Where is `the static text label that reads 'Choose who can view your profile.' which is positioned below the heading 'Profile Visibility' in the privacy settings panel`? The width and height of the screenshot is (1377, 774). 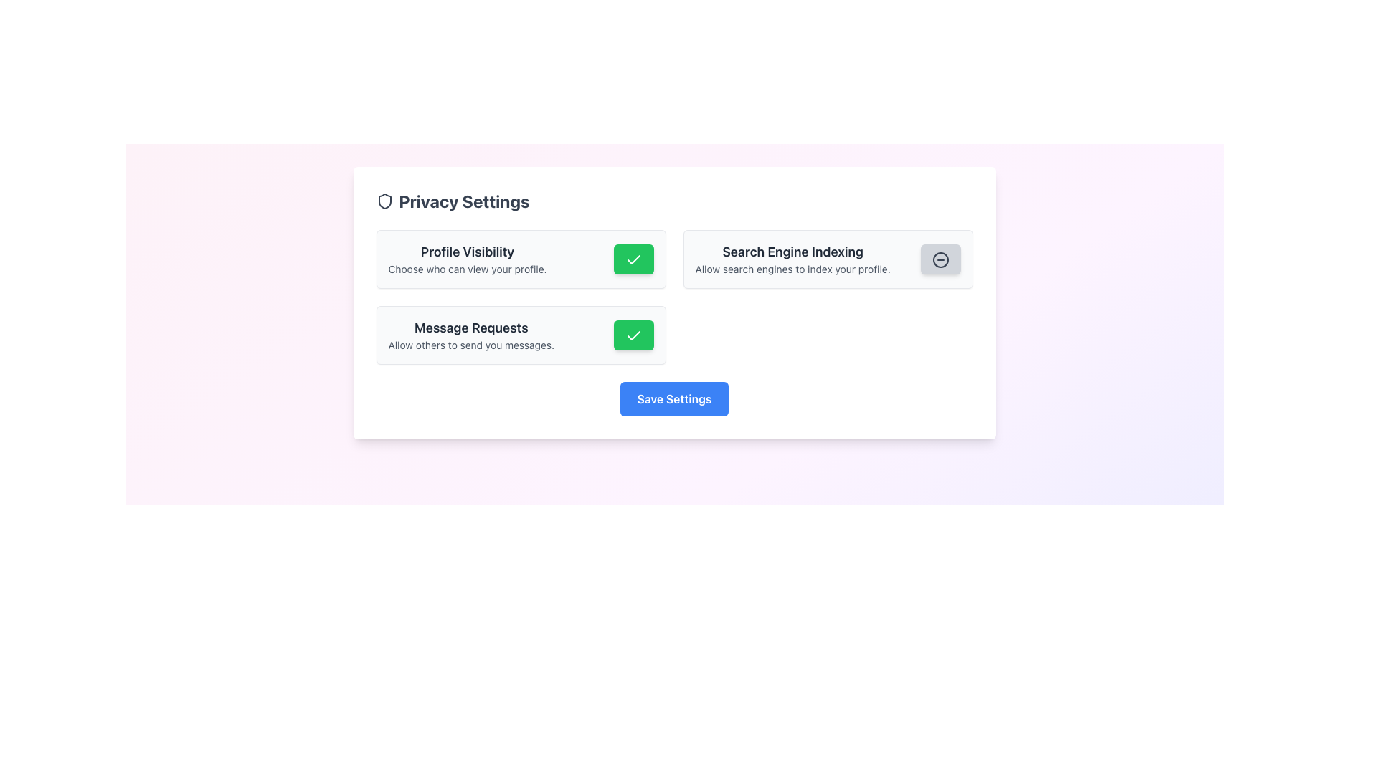
the static text label that reads 'Choose who can view your profile.' which is positioned below the heading 'Profile Visibility' in the privacy settings panel is located at coordinates (468, 269).